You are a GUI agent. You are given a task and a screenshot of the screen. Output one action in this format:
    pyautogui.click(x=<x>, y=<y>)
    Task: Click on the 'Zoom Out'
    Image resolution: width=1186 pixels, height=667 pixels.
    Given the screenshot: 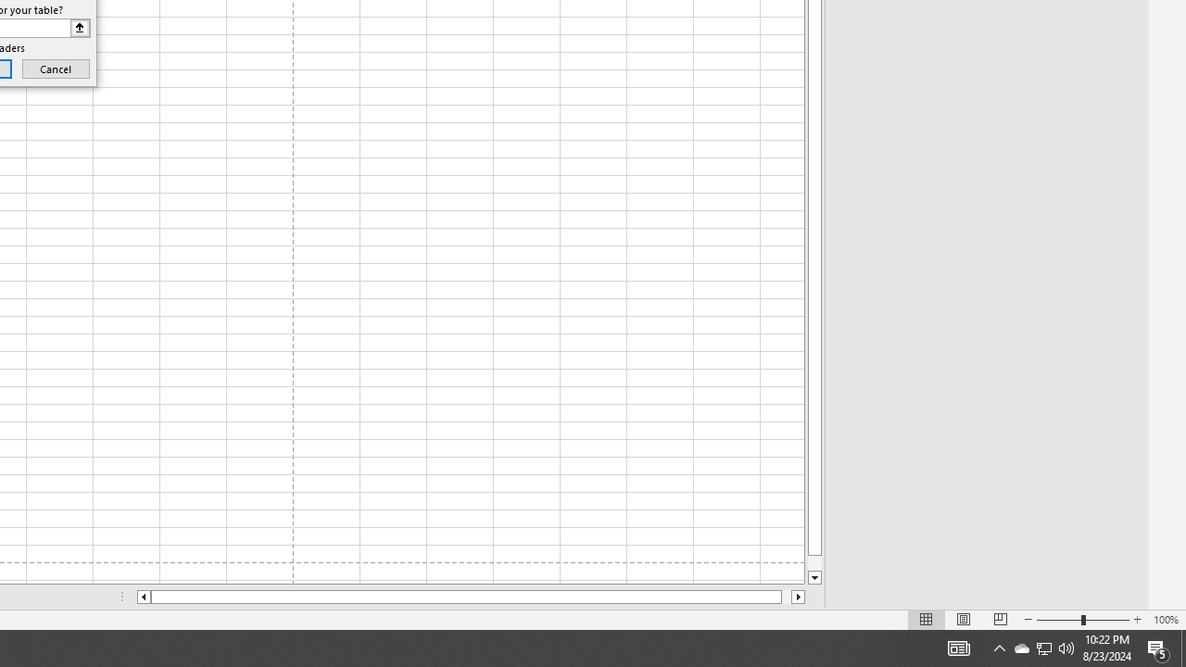 What is the action you would take?
    pyautogui.click(x=1059, y=620)
    